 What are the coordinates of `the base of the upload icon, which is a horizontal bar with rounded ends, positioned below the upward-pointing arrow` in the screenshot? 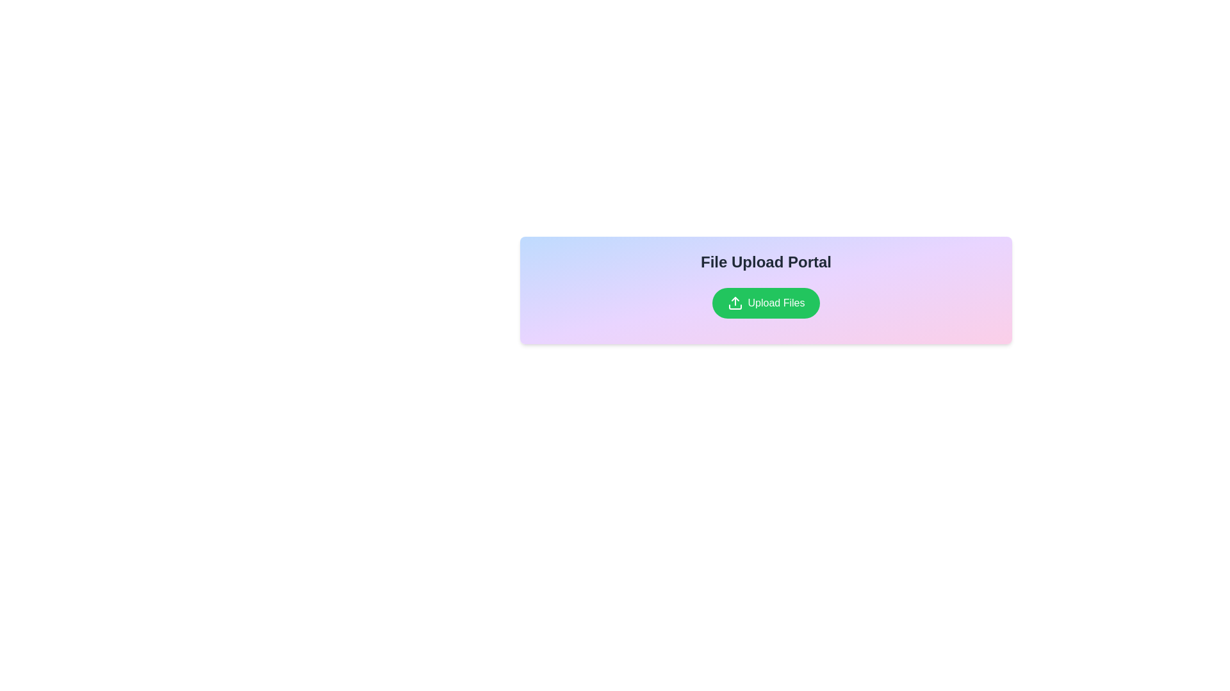 It's located at (735, 306).